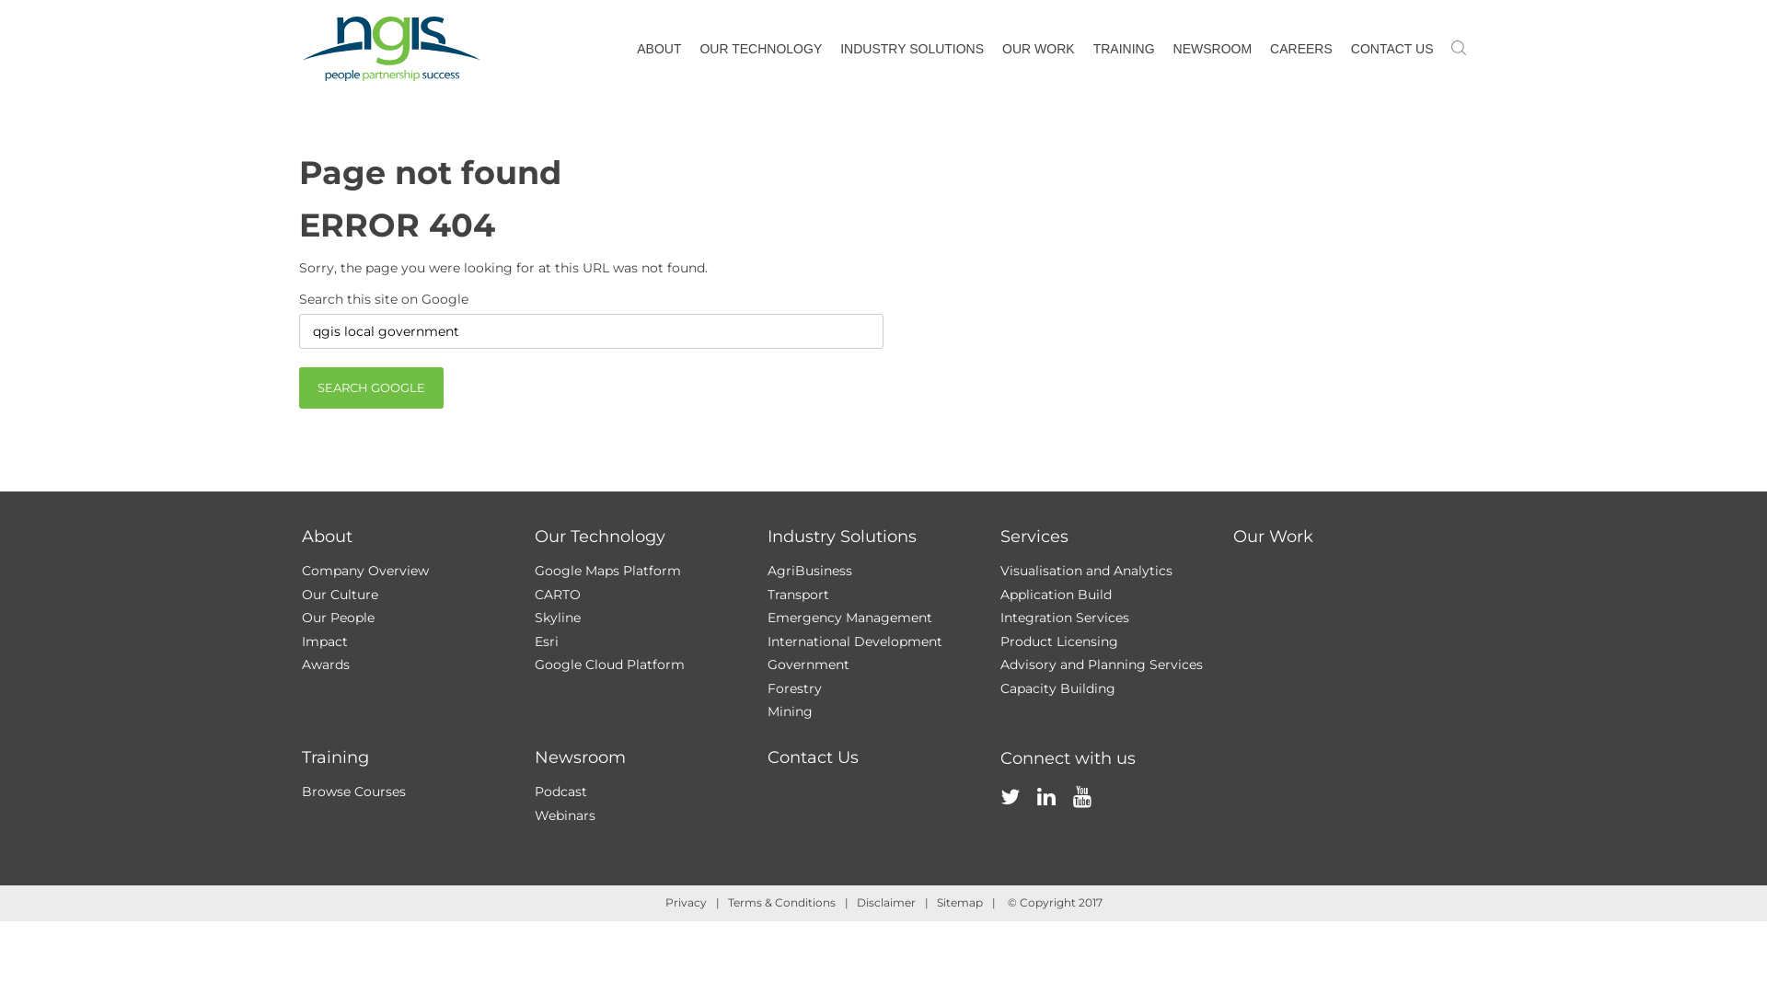 Image resolution: width=1767 pixels, height=994 pixels. Describe the element at coordinates (658, 48) in the screenshot. I see `'ABOUT'` at that location.